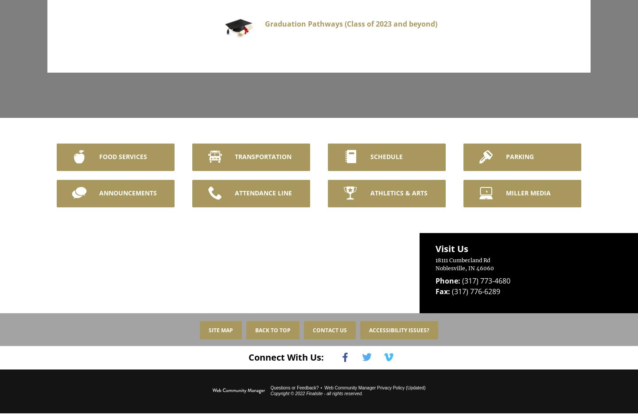  What do you see at coordinates (442, 285) in the screenshot?
I see `'Fax:'` at bounding box center [442, 285].